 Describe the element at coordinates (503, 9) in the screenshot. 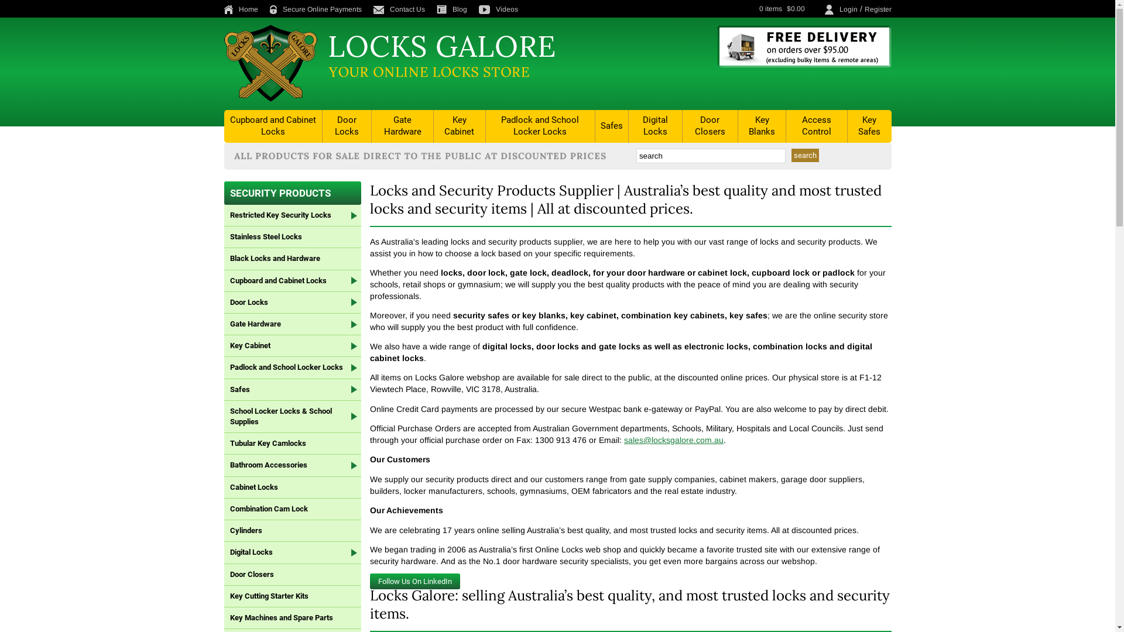

I see `'Videos'` at that location.